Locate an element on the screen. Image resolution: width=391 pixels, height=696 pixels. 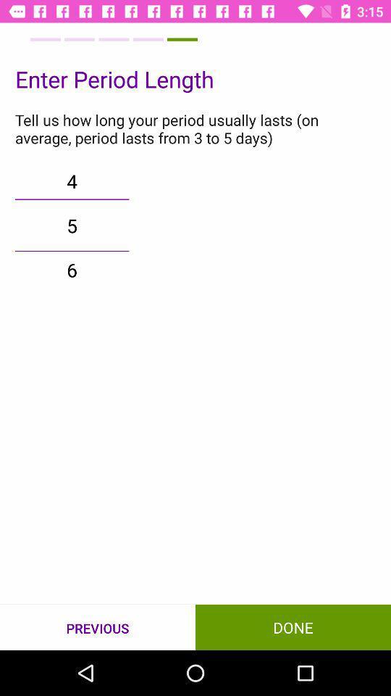
previous item is located at coordinates (98, 627).